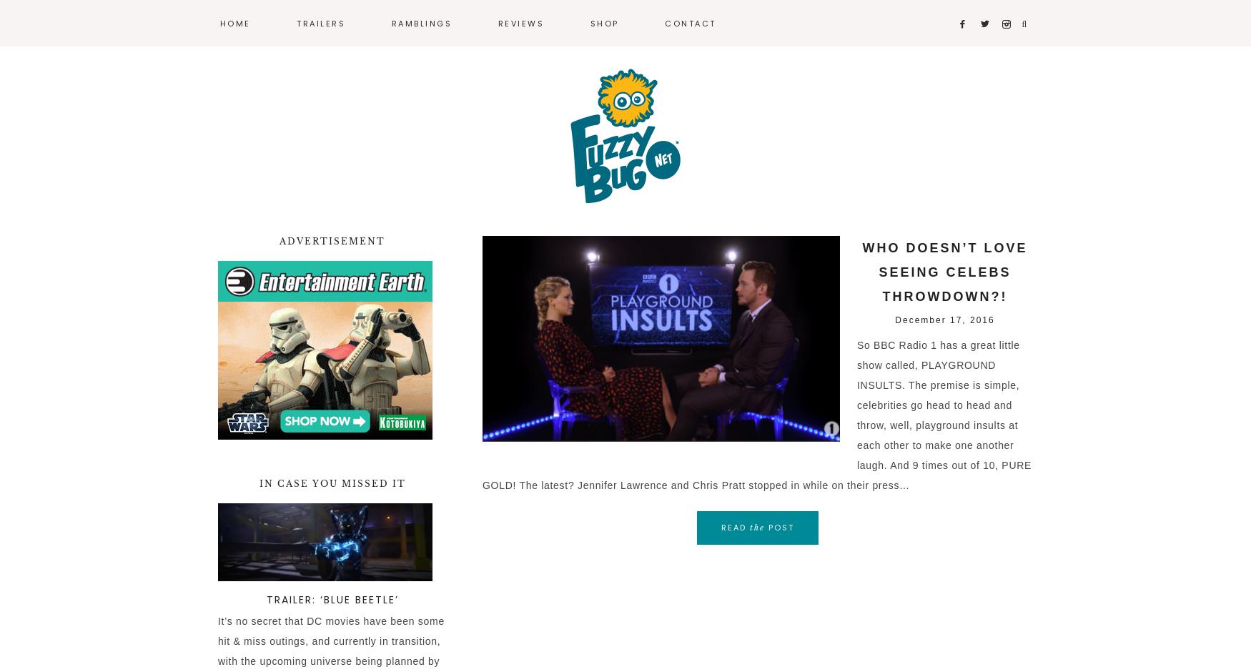  Describe the element at coordinates (321, 23) in the screenshot. I see `'Trailers'` at that location.